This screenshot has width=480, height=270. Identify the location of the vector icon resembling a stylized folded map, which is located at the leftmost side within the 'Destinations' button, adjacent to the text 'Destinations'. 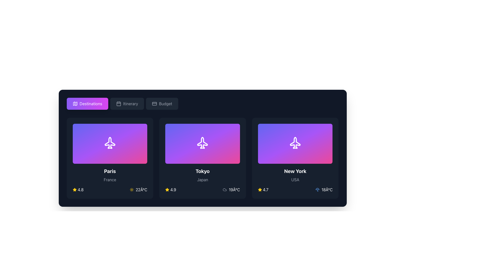
(75, 103).